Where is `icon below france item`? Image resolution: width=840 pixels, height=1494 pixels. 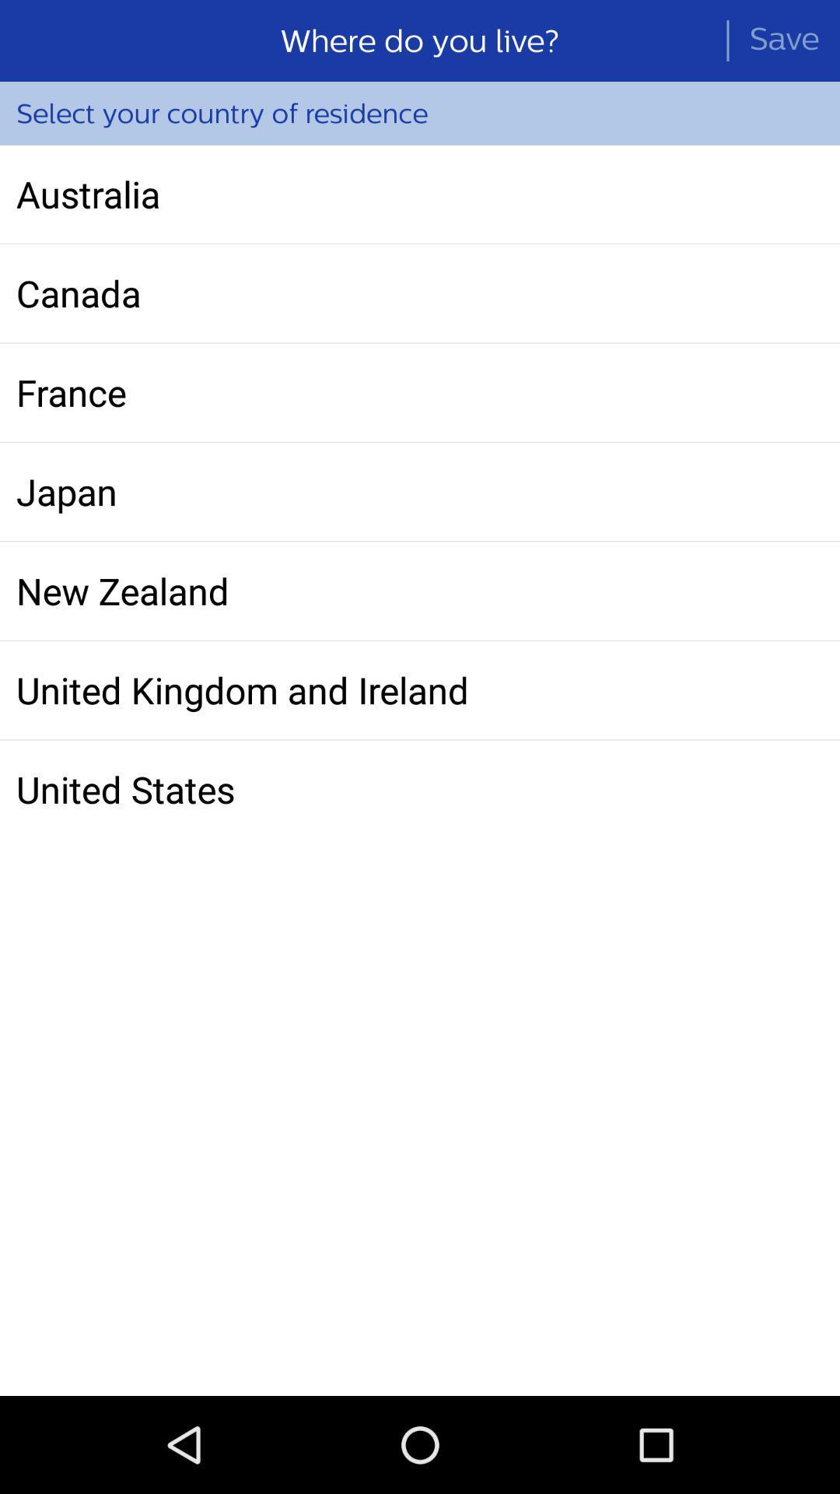 icon below france item is located at coordinates (420, 491).